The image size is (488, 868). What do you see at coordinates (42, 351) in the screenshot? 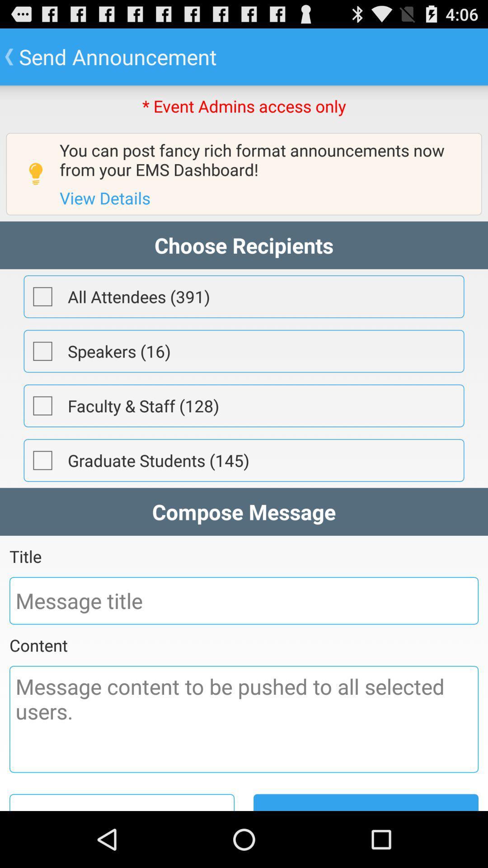
I see `check the speakers box` at bounding box center [42, 351].